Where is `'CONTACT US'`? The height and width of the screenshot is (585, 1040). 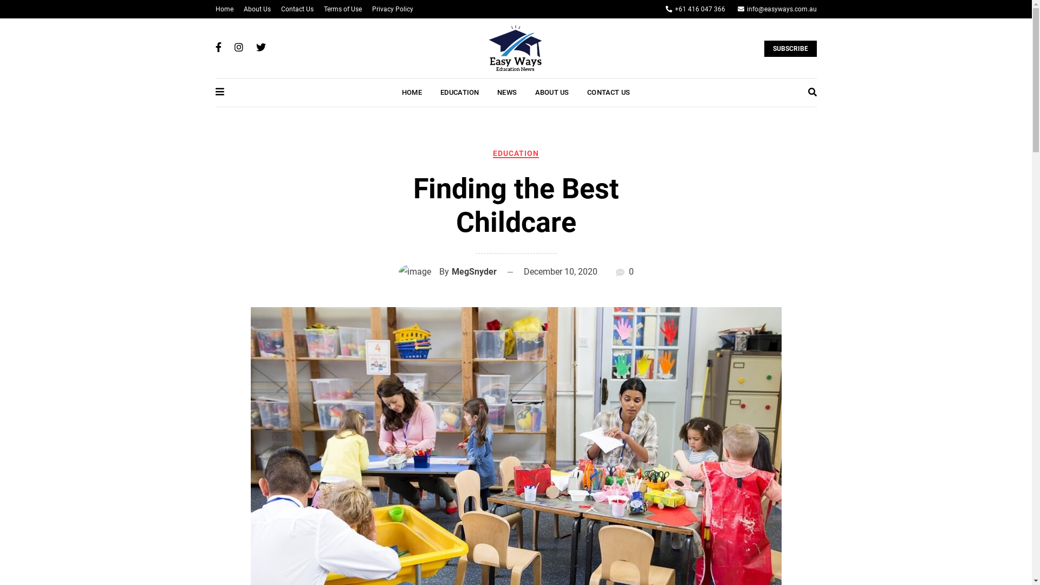
'CONTACT US' is located at coordinates (608, 92).